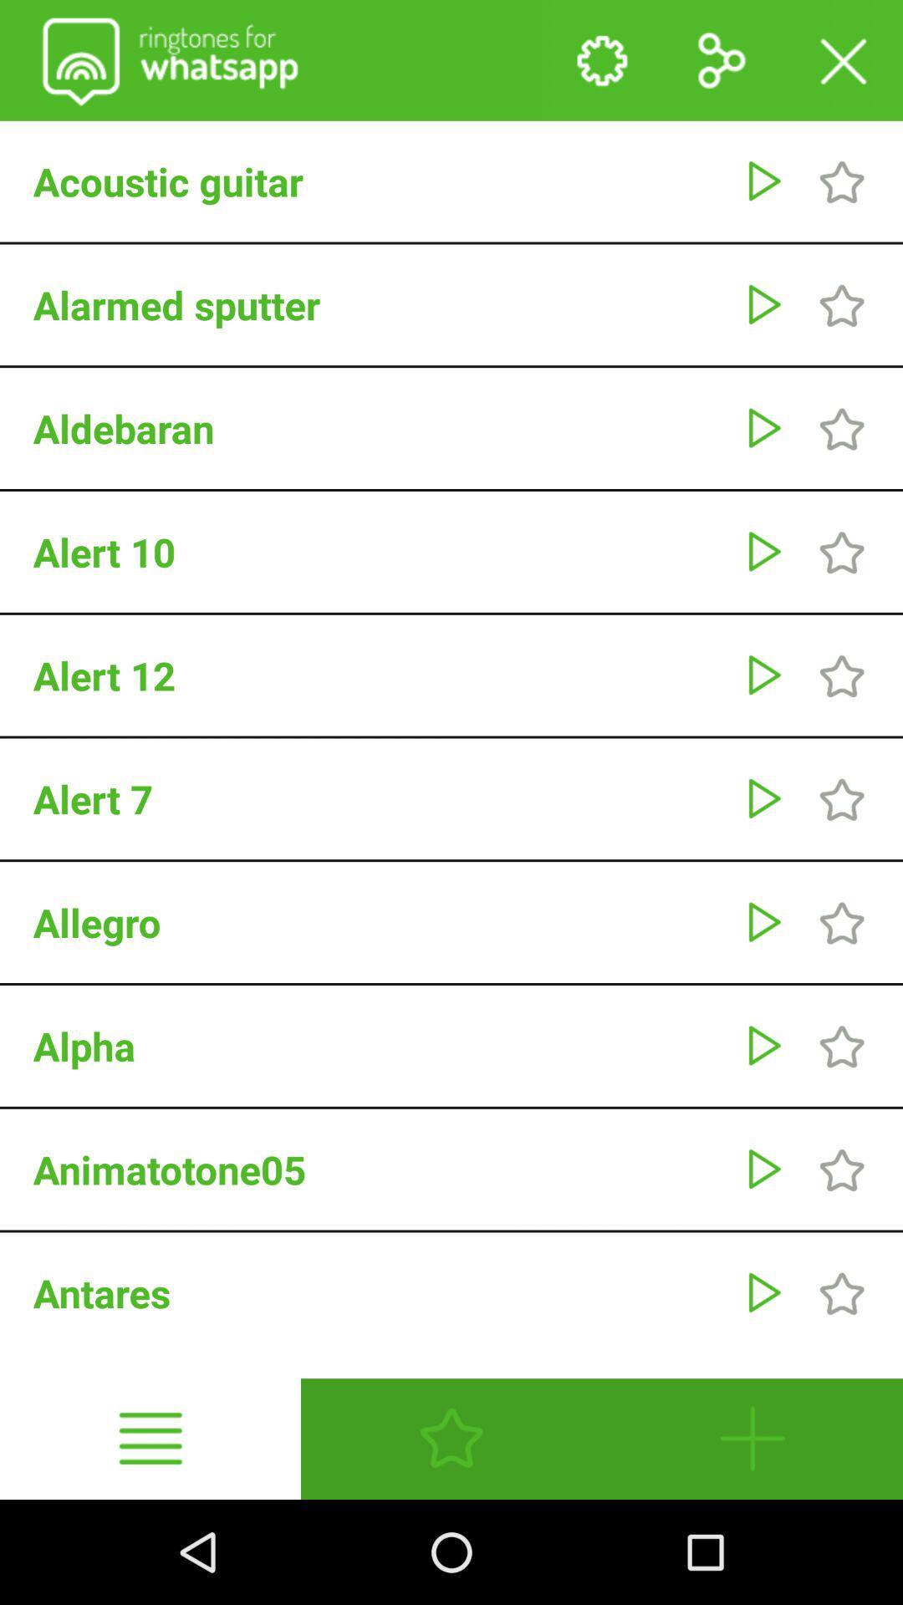 The image size is (903, 1605). What do you see at coordinates (380, 552) in the screenshot?
I see `the alert 10 app` at bounding box center [380, 552].